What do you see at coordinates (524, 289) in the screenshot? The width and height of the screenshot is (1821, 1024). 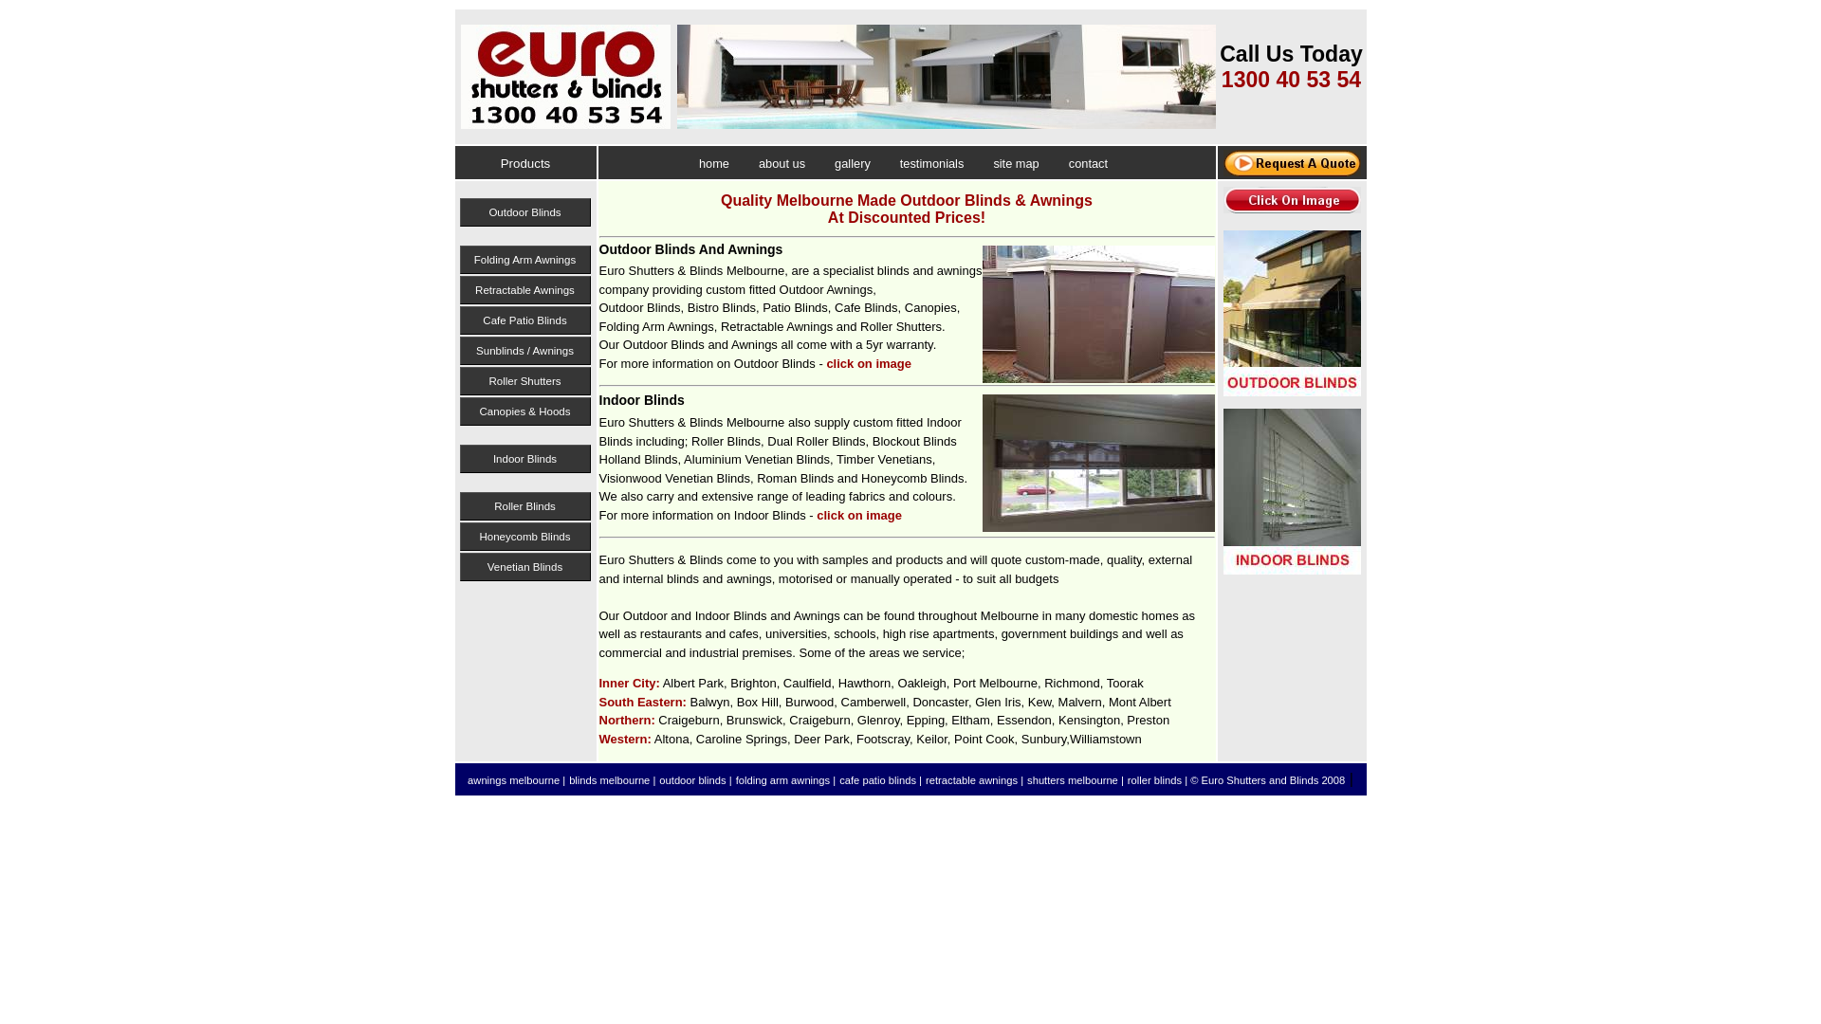 I see `'Retractable Awnings'` at bounding box center [524, 289].